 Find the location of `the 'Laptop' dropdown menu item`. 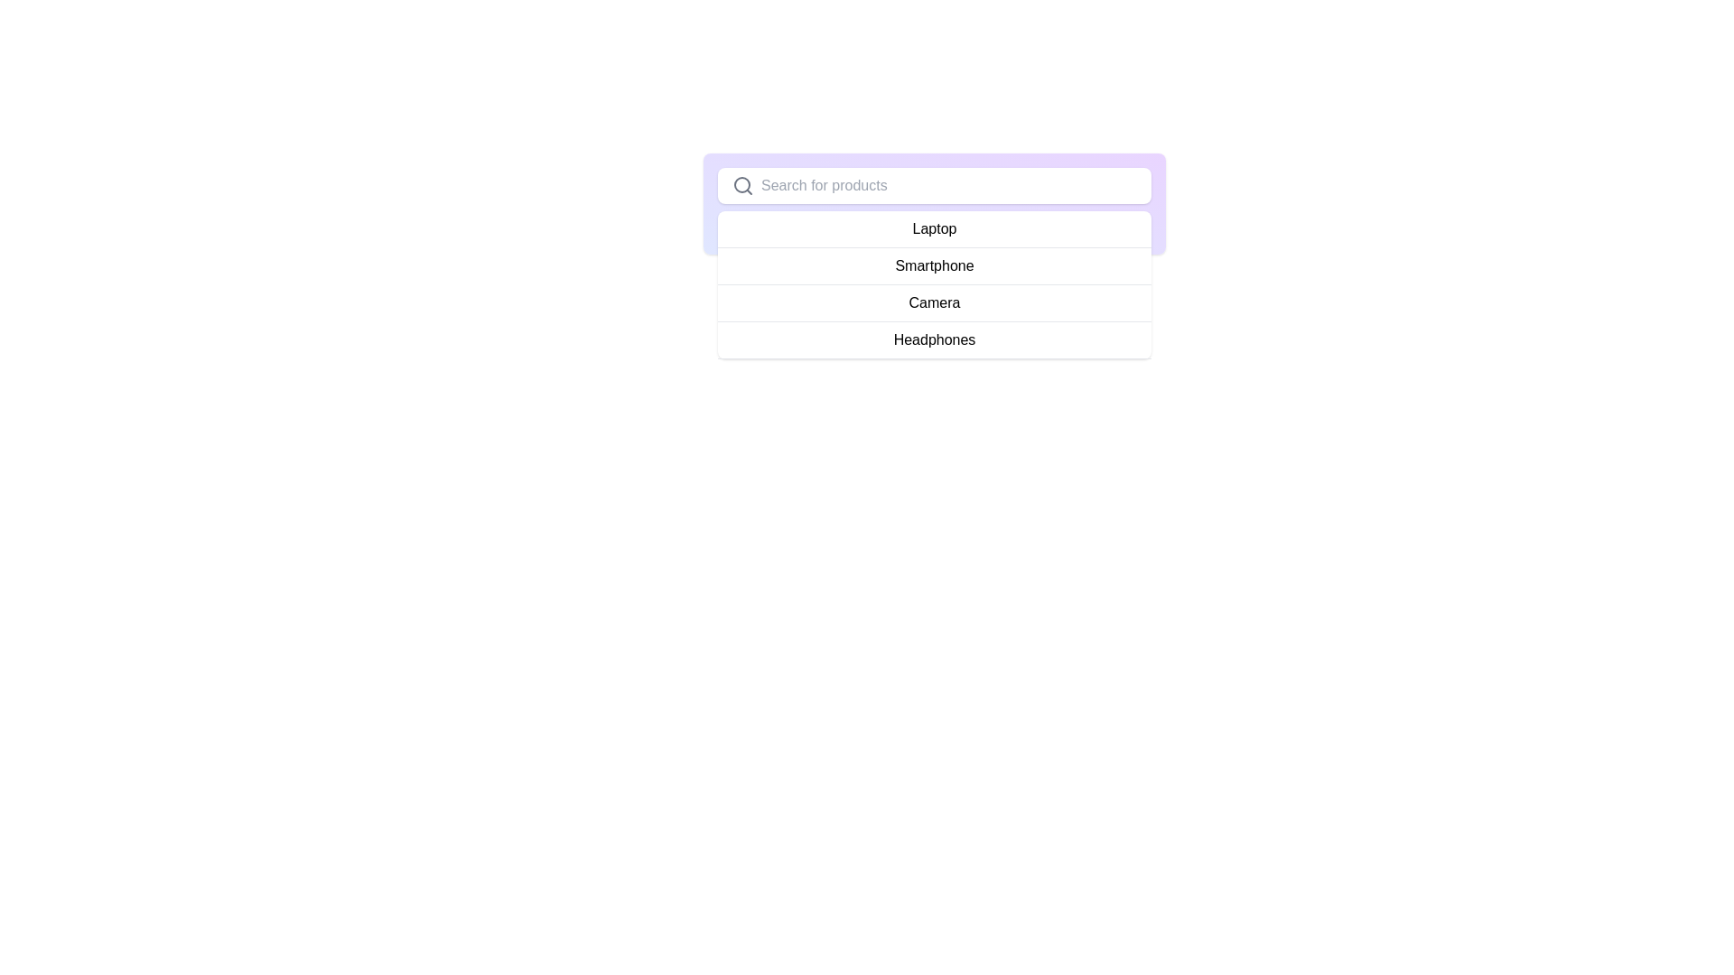

the 'Laptop' dropdown menu item is located at coordinates (935, 228).